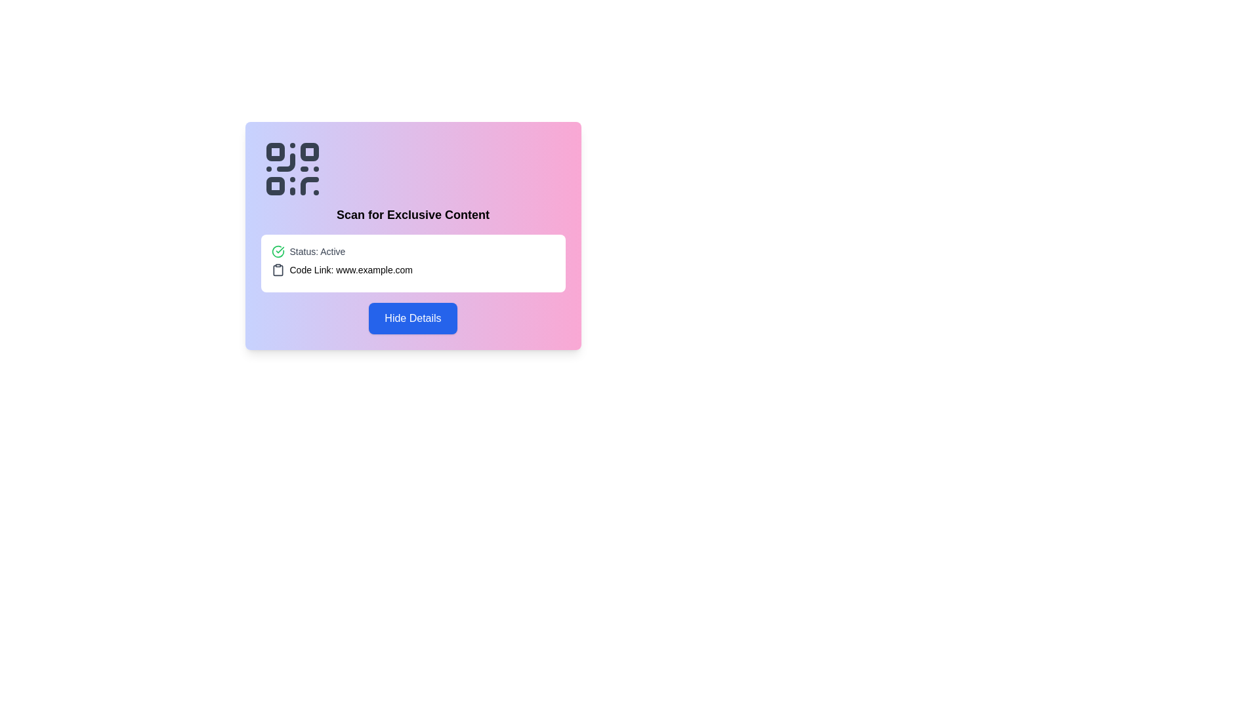  I want to click on the clipboard icon, which is a monochromatic, rounded rectangular icon located near the left side of the text block containing 'Code Link: www.example.com', so click(277, 269).